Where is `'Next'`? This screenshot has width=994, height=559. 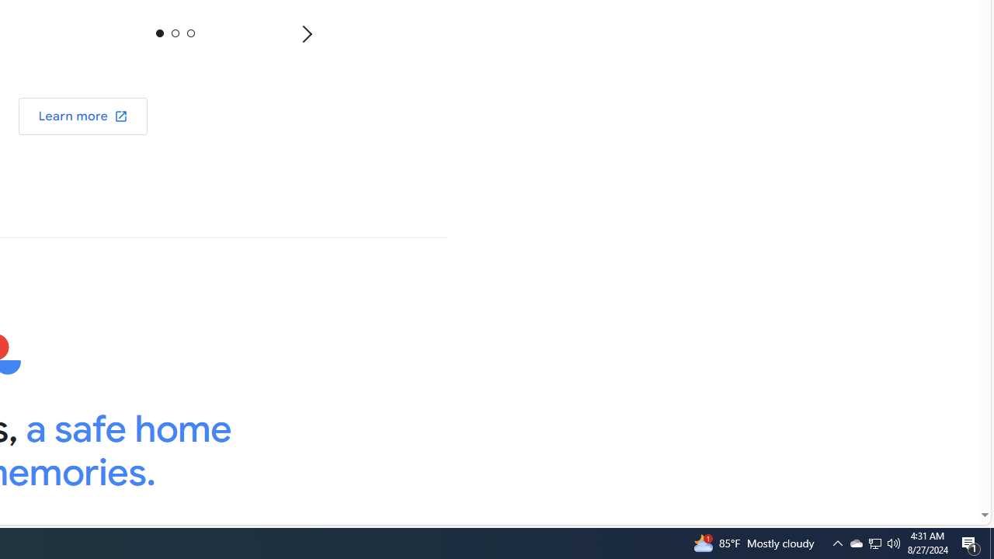
'Next' is located at coordinates (306, 33).